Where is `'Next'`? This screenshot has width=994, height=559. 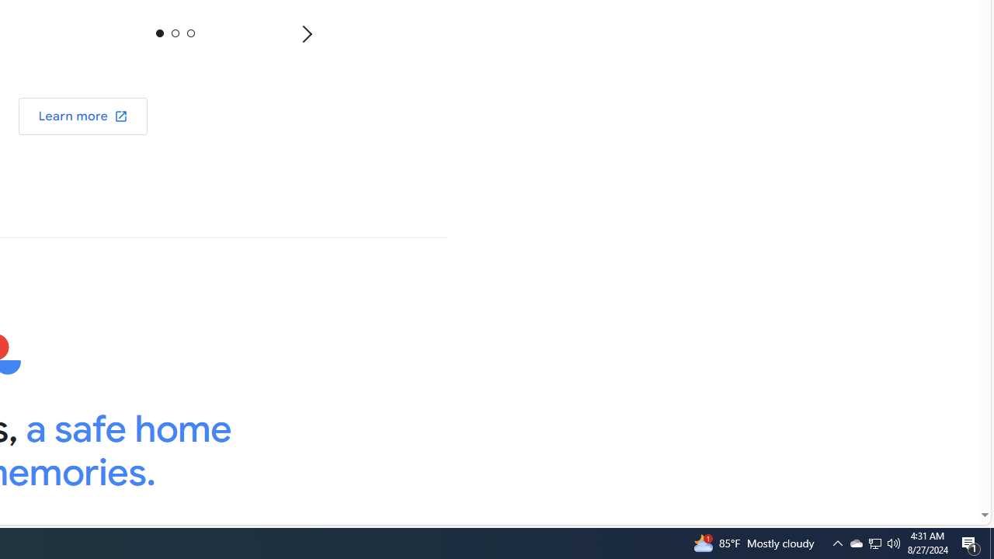
'Next' is located at coordinates (306, 33).